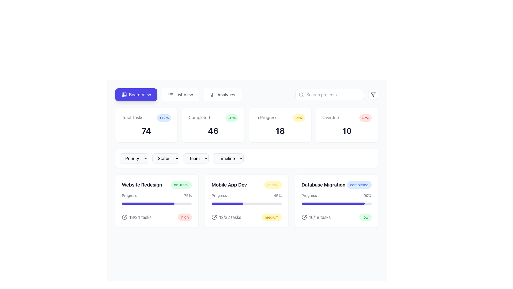 Image resolution: width=513 pixels, height=289 pixels. Describe the element at coordinates (180, 94) in the screenshot. I see `the middle button that switches the view mode to a list-based layout, located between the 'Board View' and 'Analytics' buttons` at that location.